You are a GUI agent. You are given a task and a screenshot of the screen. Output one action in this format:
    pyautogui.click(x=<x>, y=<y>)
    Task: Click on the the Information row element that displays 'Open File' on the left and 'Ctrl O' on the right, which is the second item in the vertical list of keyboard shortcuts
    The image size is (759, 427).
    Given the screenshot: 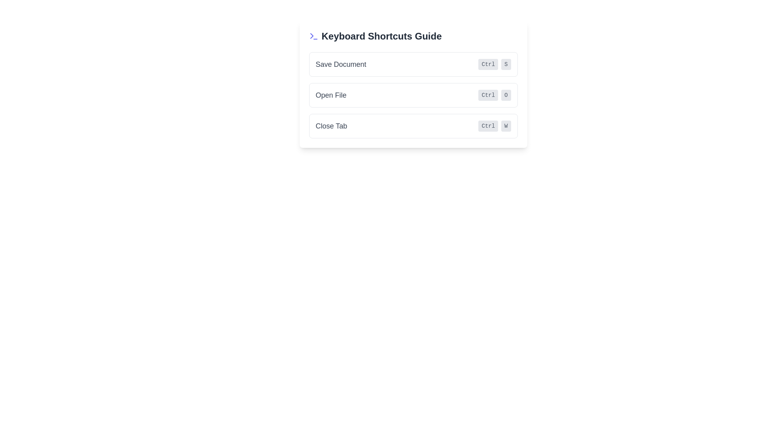 What is the action you would take?
    pyautogui.click(x=413, y=94)
    